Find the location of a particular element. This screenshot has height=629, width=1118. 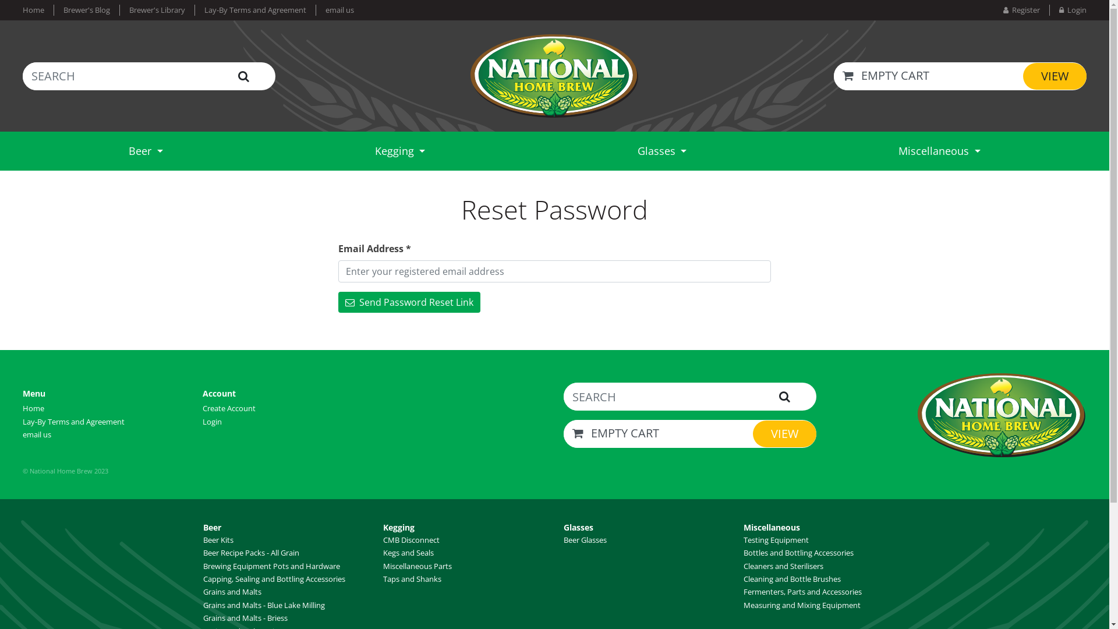

'email us' is located at coordinates (334, 10).